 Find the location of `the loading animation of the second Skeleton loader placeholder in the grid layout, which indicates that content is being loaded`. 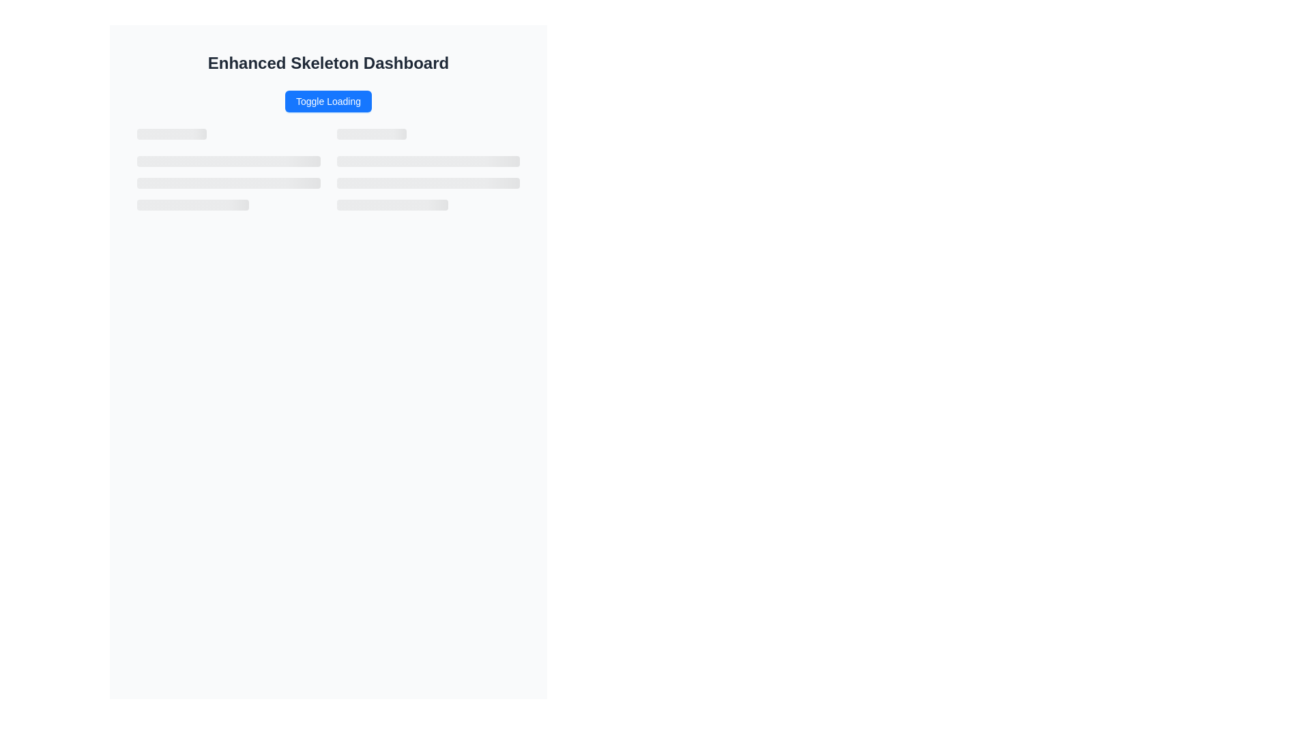

the loading animation of the second Skeleton loader placeholder in the grid layout, which indicates that content is being loaded is located at coordinates (427, 169).